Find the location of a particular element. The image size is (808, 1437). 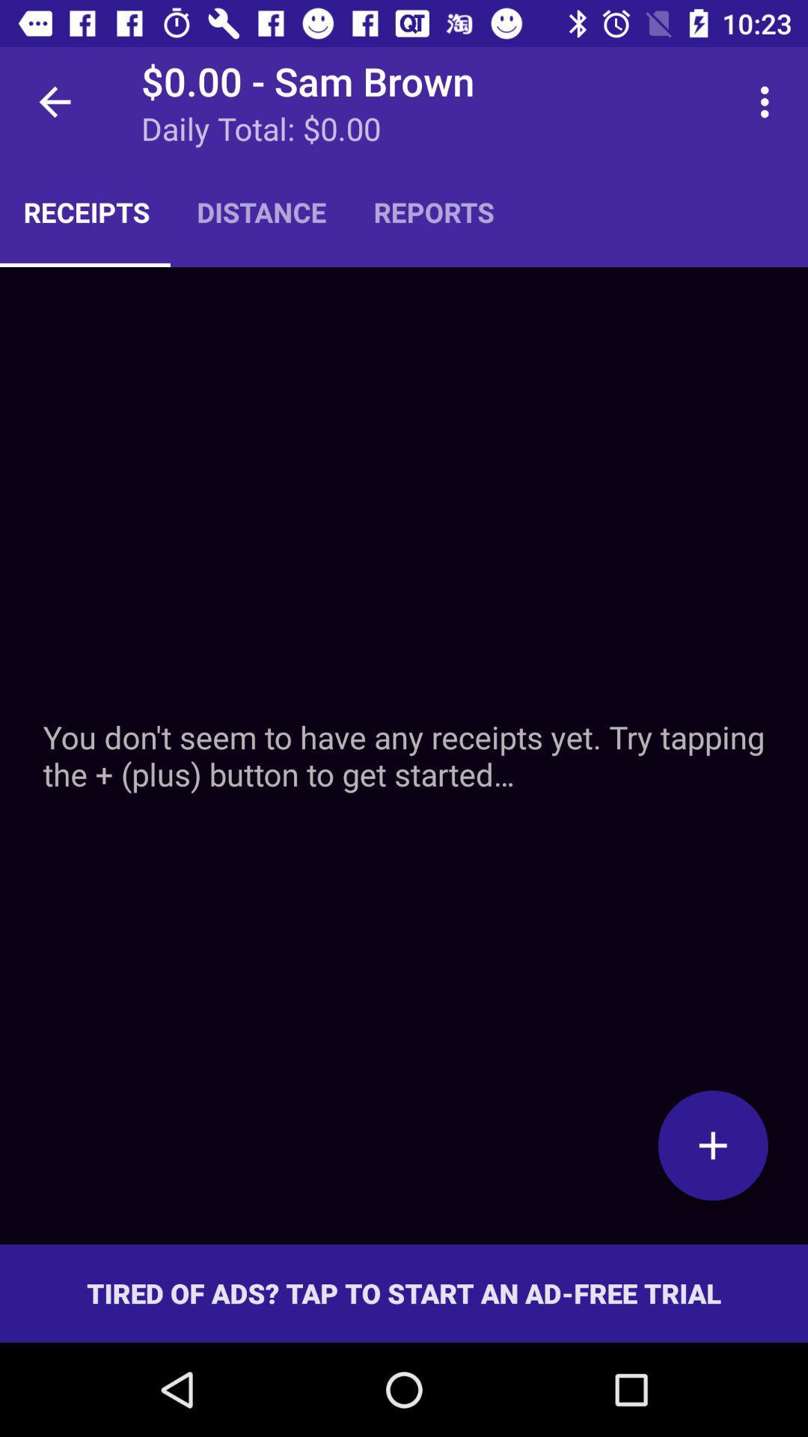

item to the left of the reports is located at coordinates (260, 211).